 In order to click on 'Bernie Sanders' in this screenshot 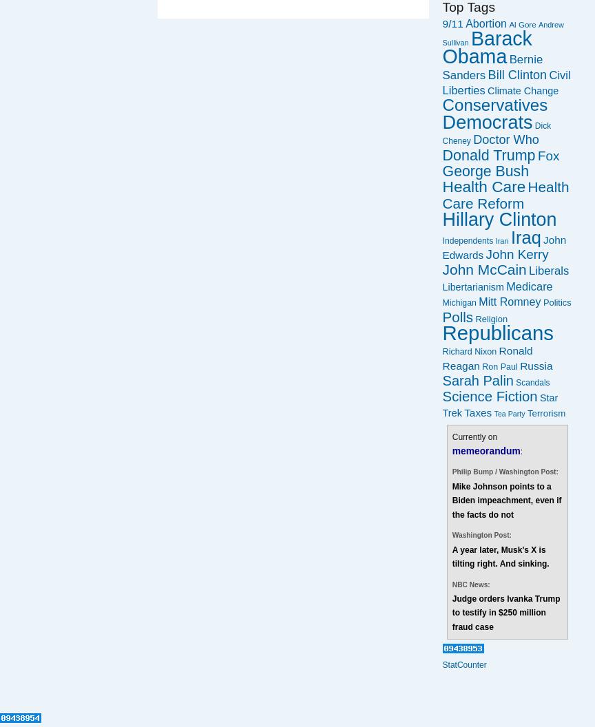, I will do `click(492, 66)`.